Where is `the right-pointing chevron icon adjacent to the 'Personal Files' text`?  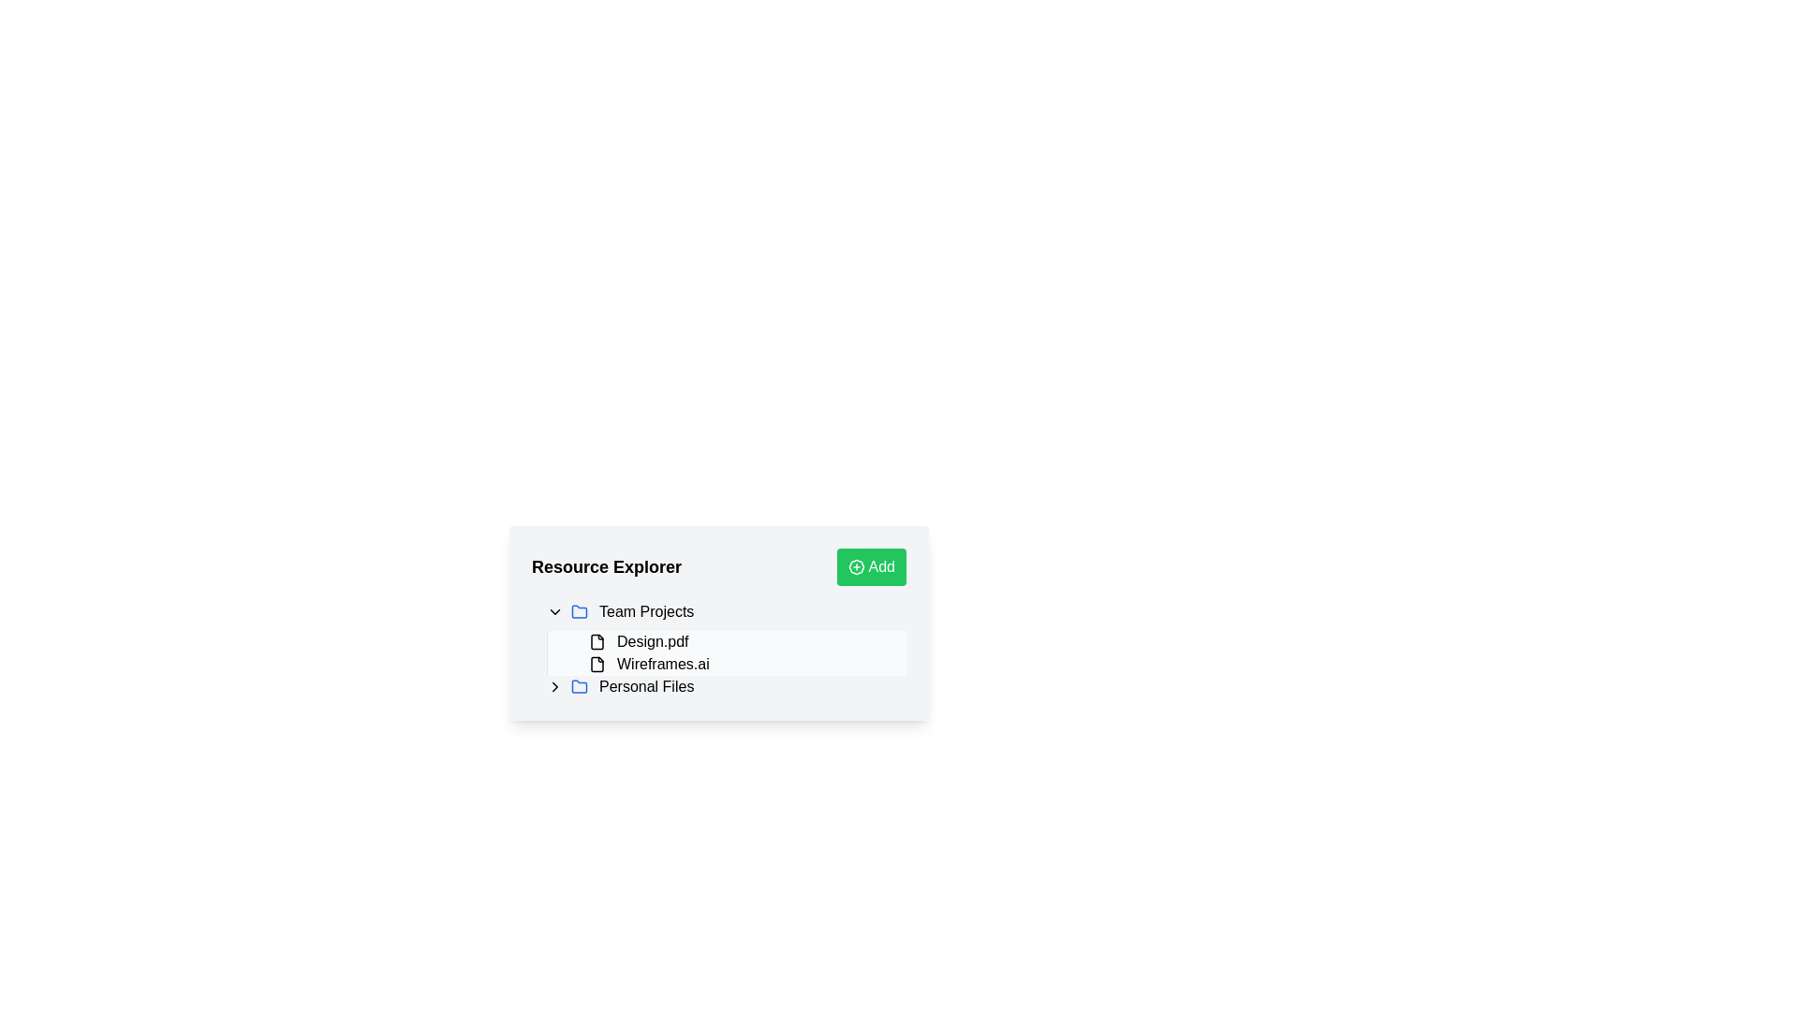 the right-pointing chevron icon adjacent to the 'Personal Files' text is located at coordinates (554, 686).